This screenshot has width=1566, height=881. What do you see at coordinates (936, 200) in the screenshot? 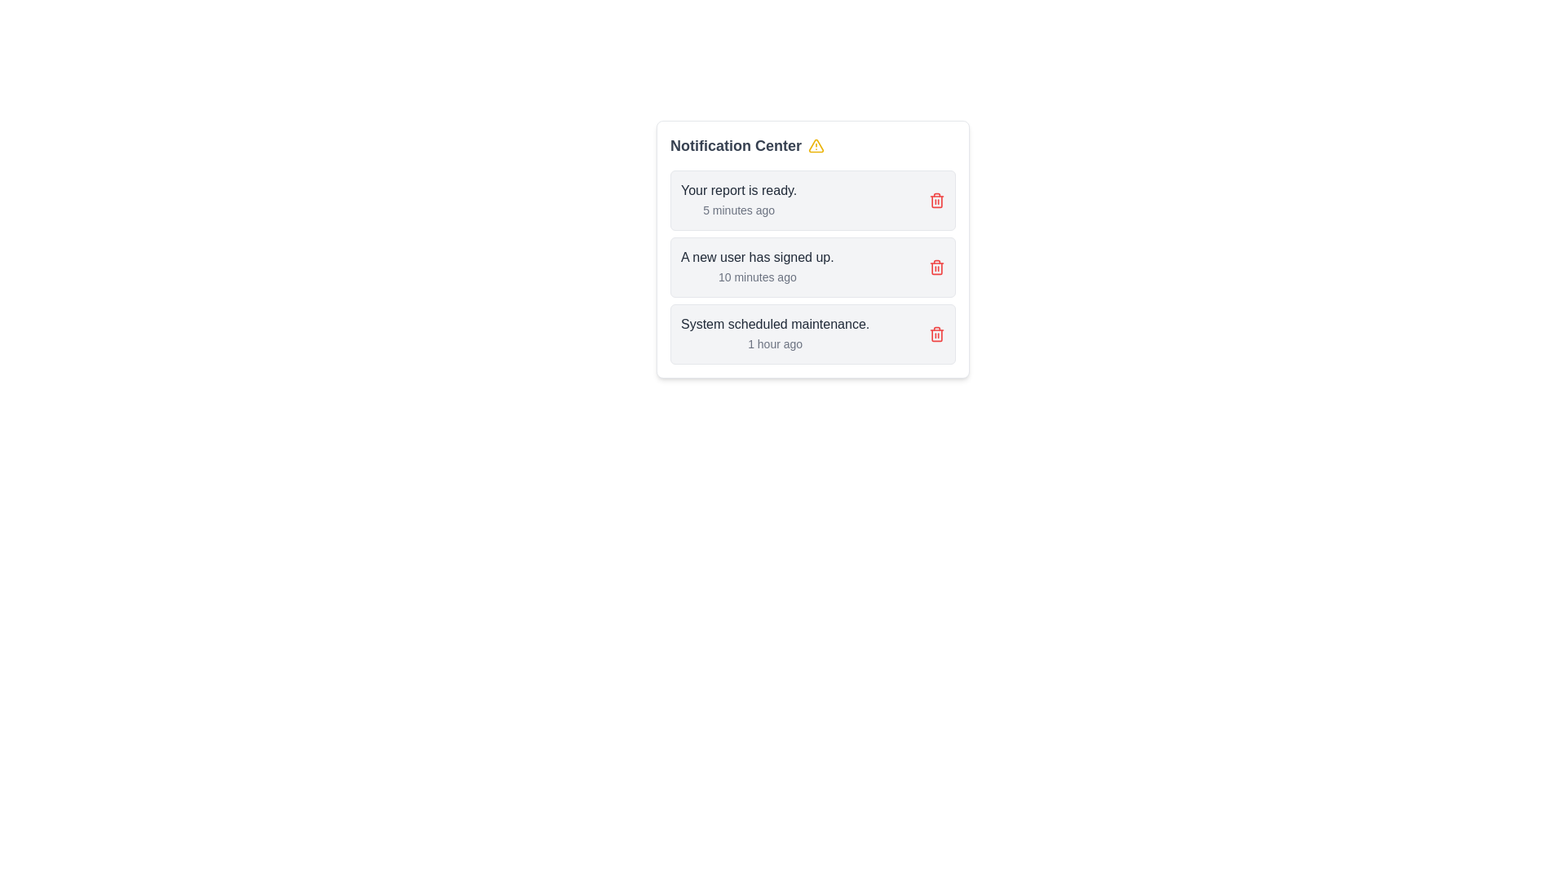
I see `the red trash can icon button located in the topmost notification entry` at bounding box center [936, 200].